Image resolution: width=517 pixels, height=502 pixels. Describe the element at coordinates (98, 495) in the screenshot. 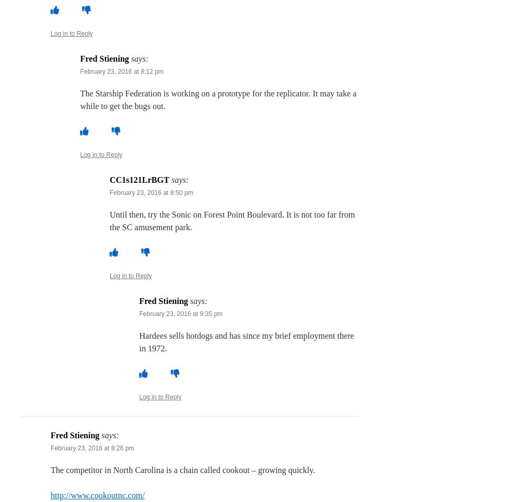

I see `'http://www.cookoutnc.com/'` at that location.